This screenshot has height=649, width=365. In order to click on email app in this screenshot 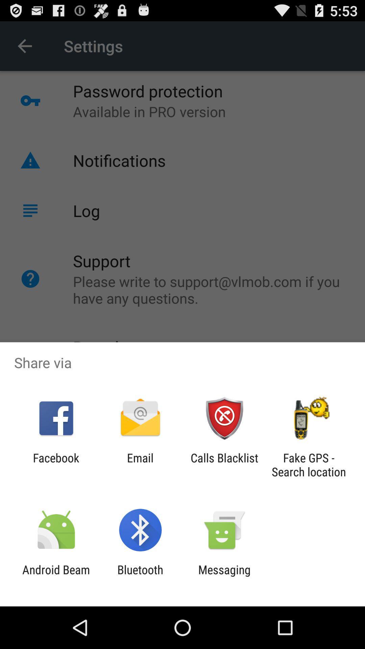, I will do `click(140, 464)`.